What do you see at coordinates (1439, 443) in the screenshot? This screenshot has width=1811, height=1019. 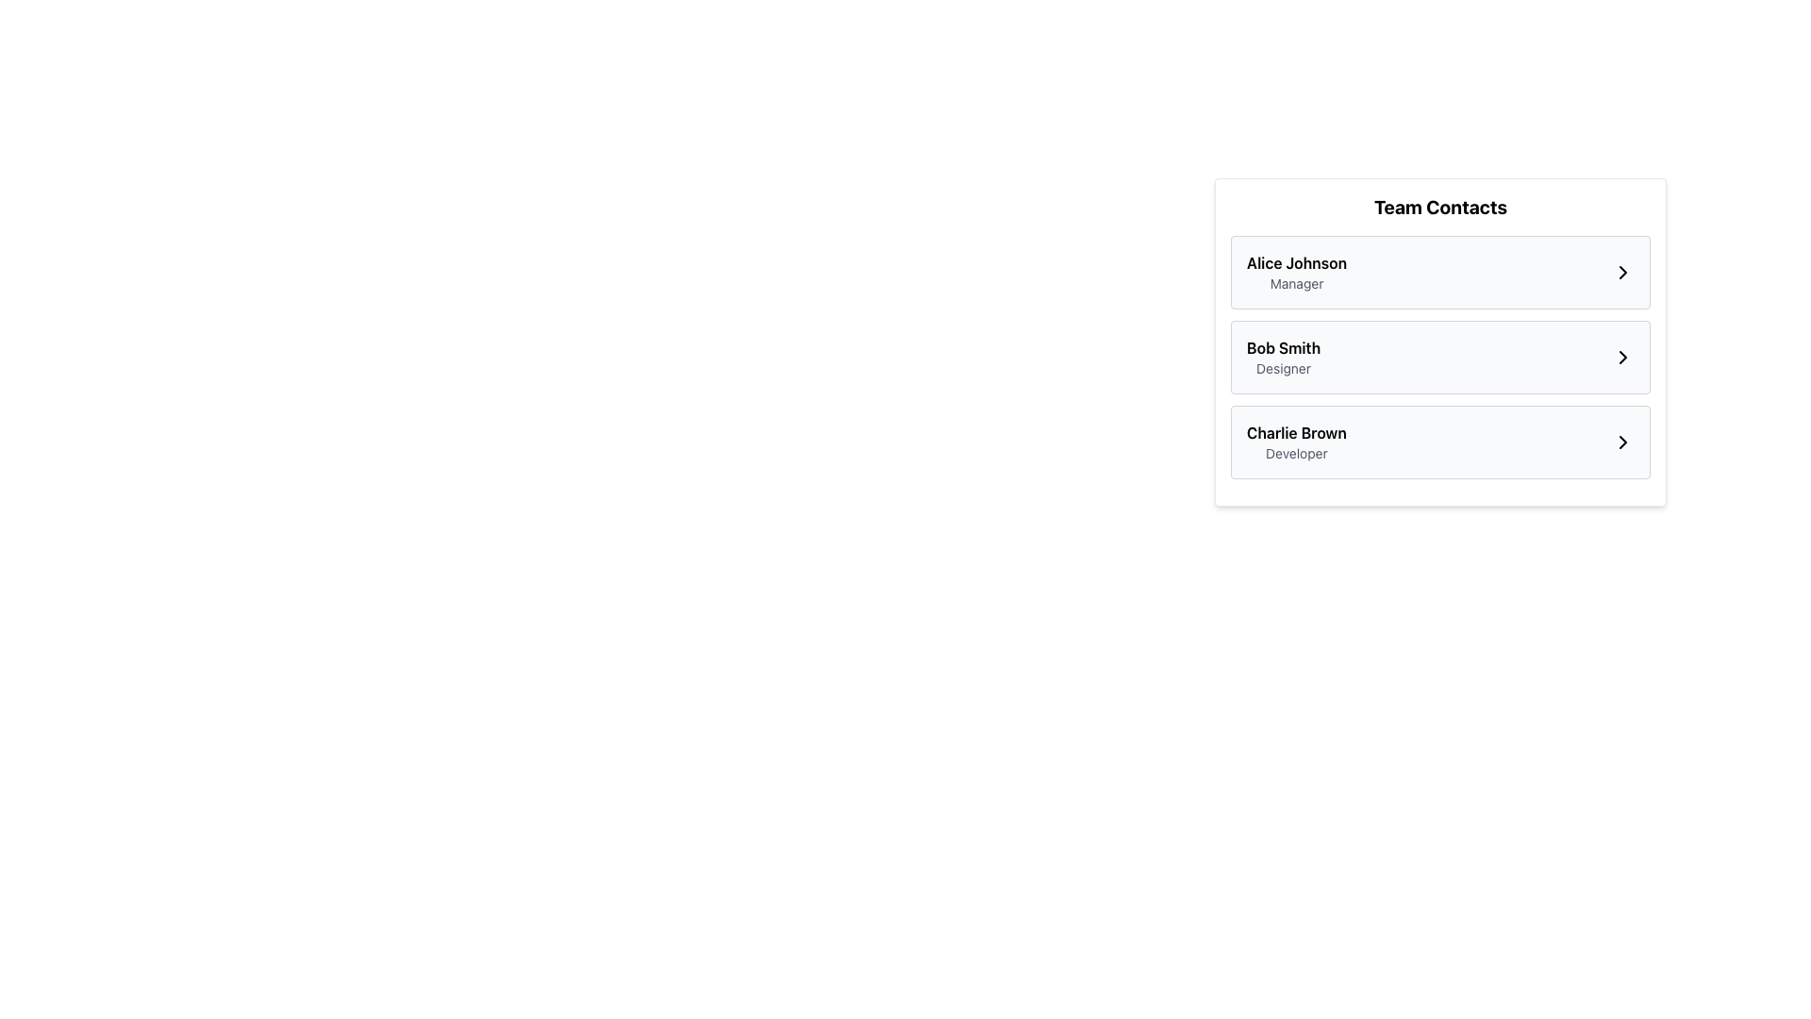 I see `the third item in the 'Team Contacts' list, which is labeled 'Charlie Brown'` at bounding box center [1439, 443].